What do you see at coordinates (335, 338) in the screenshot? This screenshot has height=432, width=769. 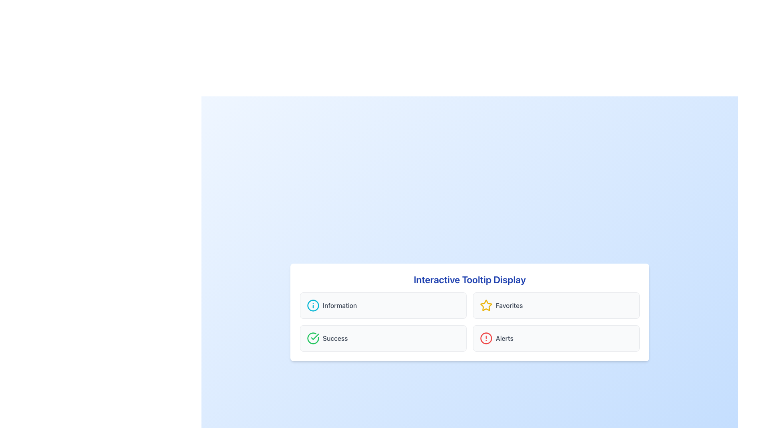 I see `the static text label that conveys a success message, located immediately to the right of the green circular checkmark icon in the bottom-left quadrant of the panel` at bounding box center [335, 338].